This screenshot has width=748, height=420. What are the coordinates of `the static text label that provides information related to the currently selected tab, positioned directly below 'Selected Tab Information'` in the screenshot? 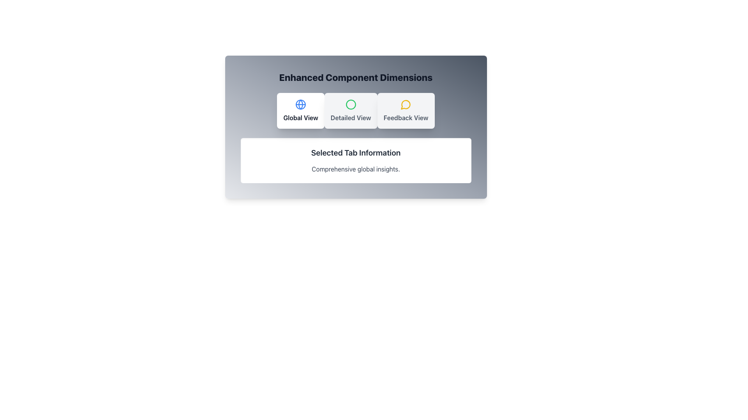 It's located at (355, 169).